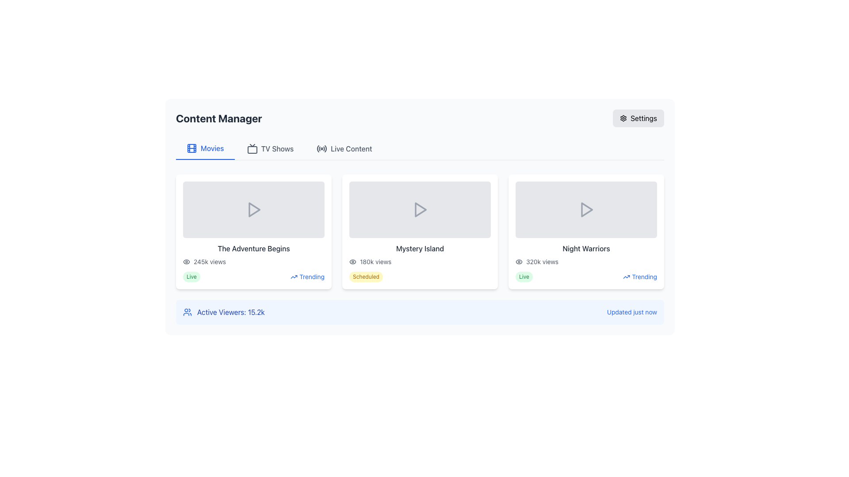 The height and width of the screenshot is (477, 849). What do you see at coordinates (542, 261) in the screenshot?
I see `the text label displaying '320k views' which is located beside the eye icon under the title 'Night Warriors'` at bounding box center [542, 261].